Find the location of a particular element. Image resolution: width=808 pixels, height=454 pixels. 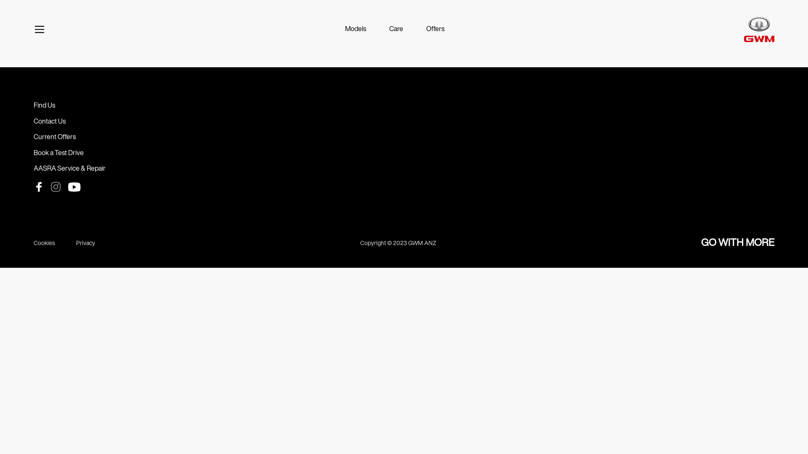

'AASRA Service & Repair' is located at coordinates (69, 169).